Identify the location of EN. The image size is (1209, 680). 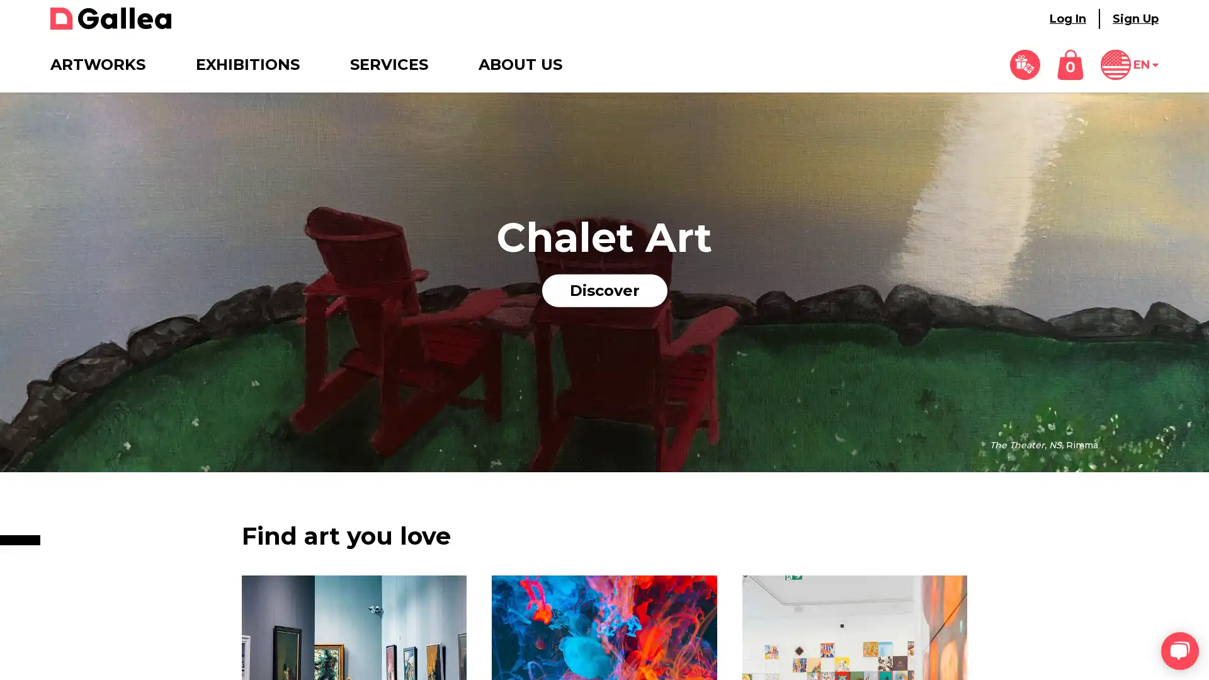
(1130, 65).